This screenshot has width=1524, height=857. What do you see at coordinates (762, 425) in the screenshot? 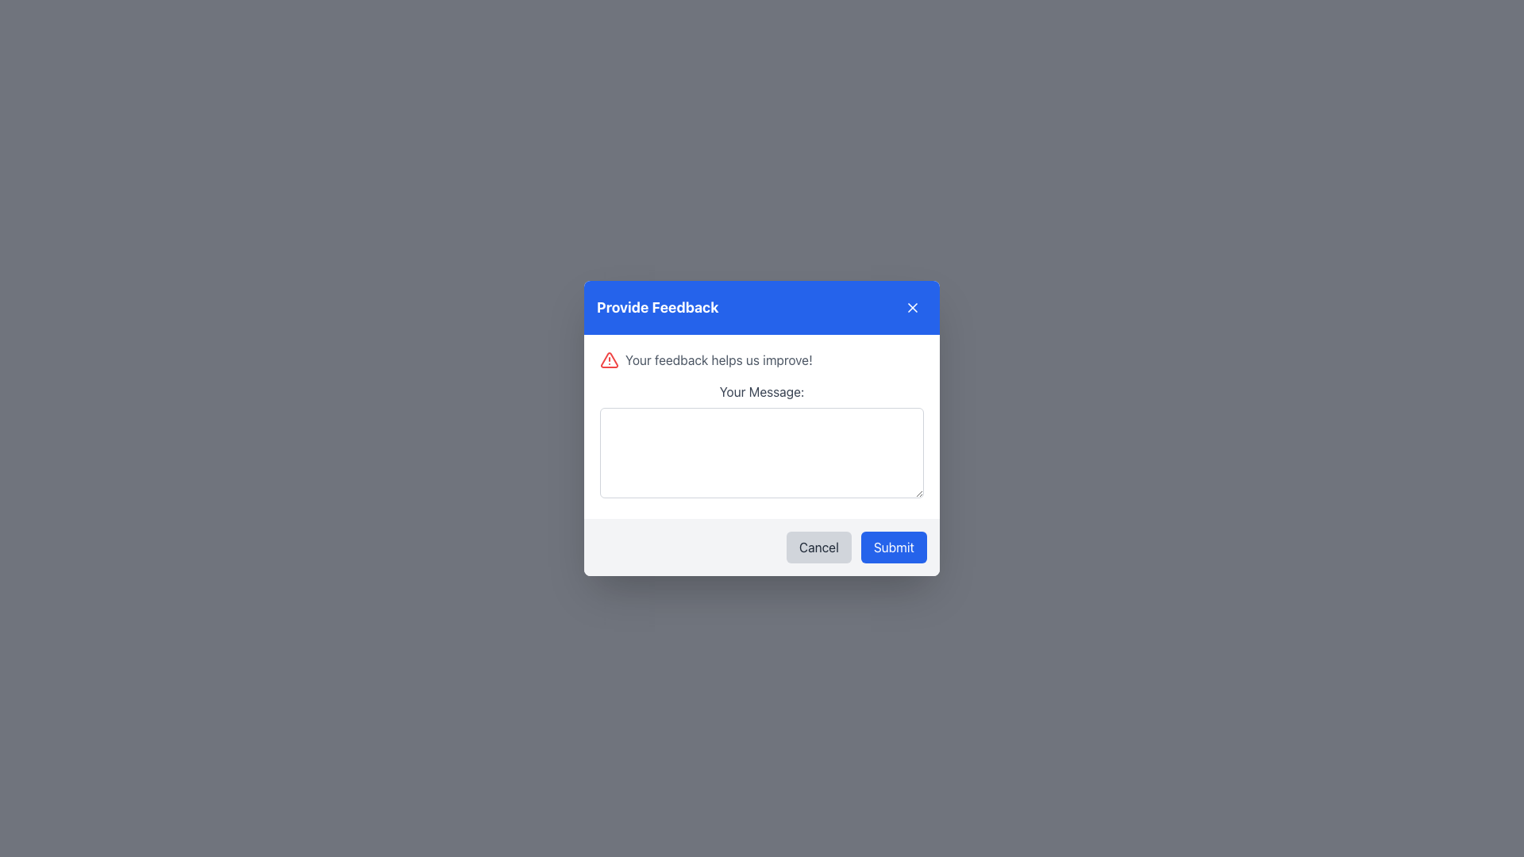
I see `the text box within the 'Provide Feedback' dialog for user input` at bounding box center [762, 425].